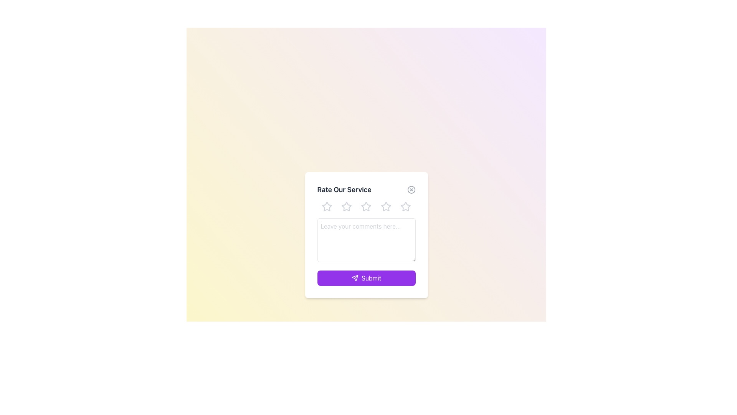 Image resolution: width=737 pixels, height=415 pixels. Describe the element at coordinates (346, 206) in the screenshot. I see `the second hollow star icon in the horizontal row of five stars for the rating system, located above the text input box` at that location.